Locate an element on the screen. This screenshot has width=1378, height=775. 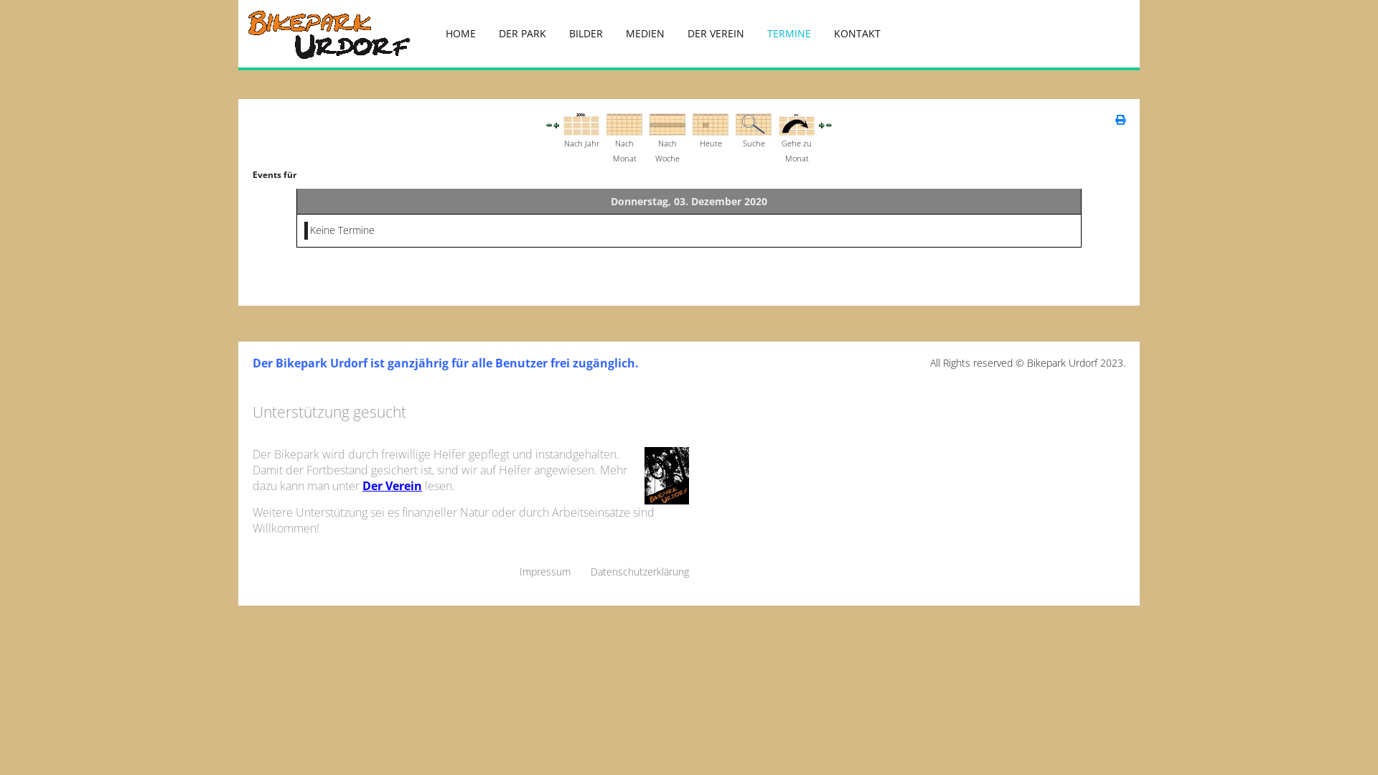
'Impressum' is located at coordinates (544, 570).